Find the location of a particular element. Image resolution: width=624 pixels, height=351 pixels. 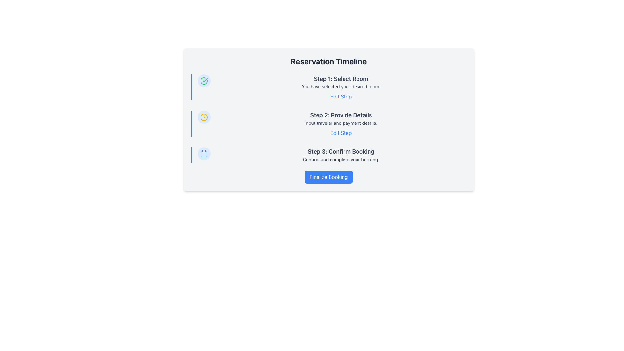

the clock icon with a yellow outline and clock hands, which is the second icon in a vertical sequence of three, located in the left panel next to the 'Step 2: Provide Details' section is located at coordinates (203, 117).